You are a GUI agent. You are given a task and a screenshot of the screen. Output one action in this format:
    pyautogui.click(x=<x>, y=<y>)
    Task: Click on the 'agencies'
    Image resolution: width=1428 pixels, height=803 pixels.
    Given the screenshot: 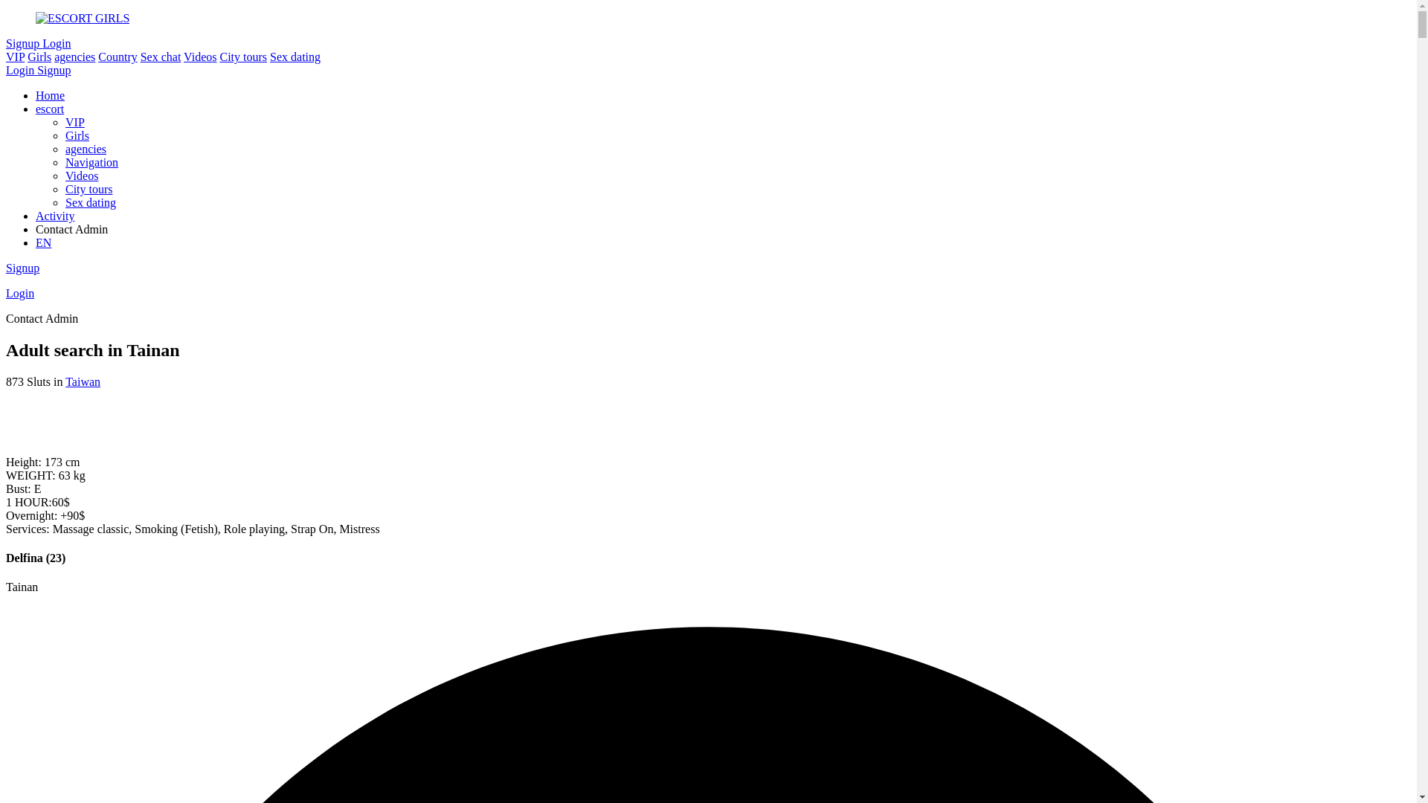 What is the action you would take?
    pyautogui.click(x=85, y=149)
    